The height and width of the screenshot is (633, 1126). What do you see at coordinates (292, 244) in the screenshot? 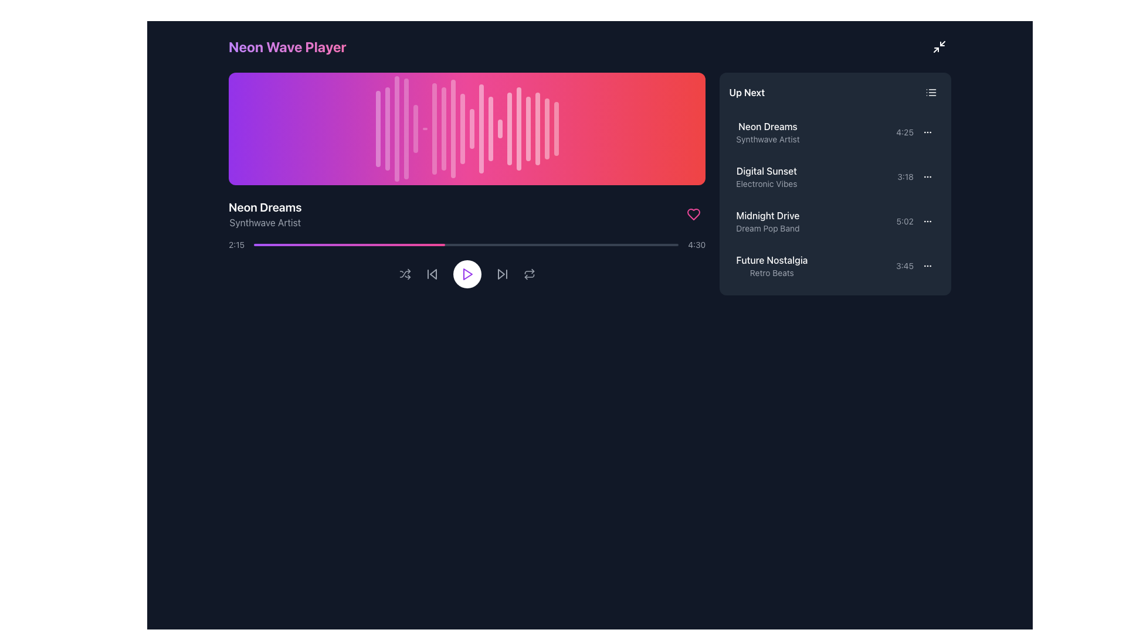
I see `the media progress` at bounding box center [292, 244].